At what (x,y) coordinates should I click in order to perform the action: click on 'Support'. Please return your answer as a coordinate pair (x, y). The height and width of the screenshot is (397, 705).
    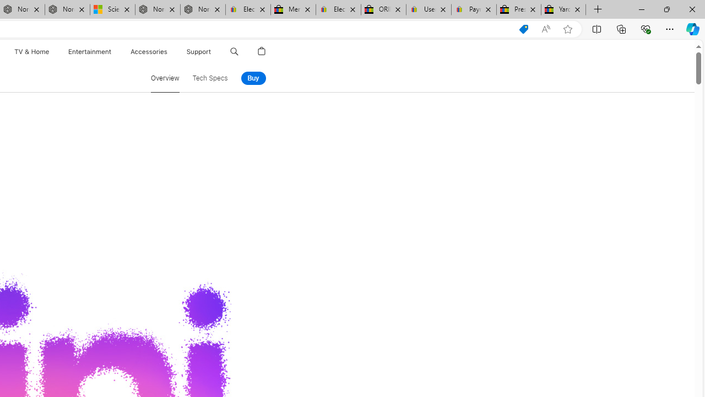
    Looking at the image, I should click on (199, 51).